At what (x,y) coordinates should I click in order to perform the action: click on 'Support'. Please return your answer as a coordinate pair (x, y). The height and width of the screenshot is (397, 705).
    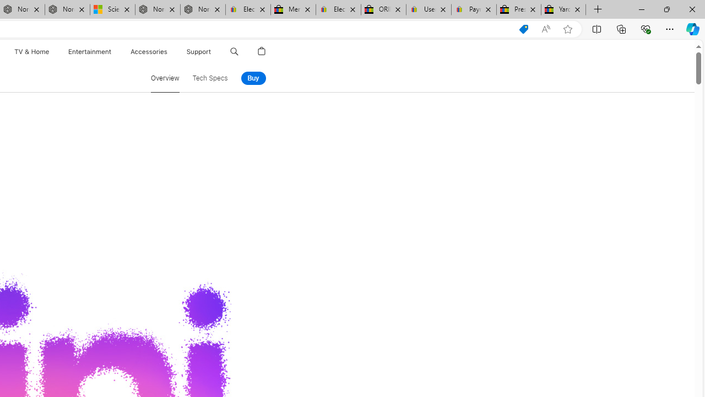
    Looking at the image, I should click on (199, 51).